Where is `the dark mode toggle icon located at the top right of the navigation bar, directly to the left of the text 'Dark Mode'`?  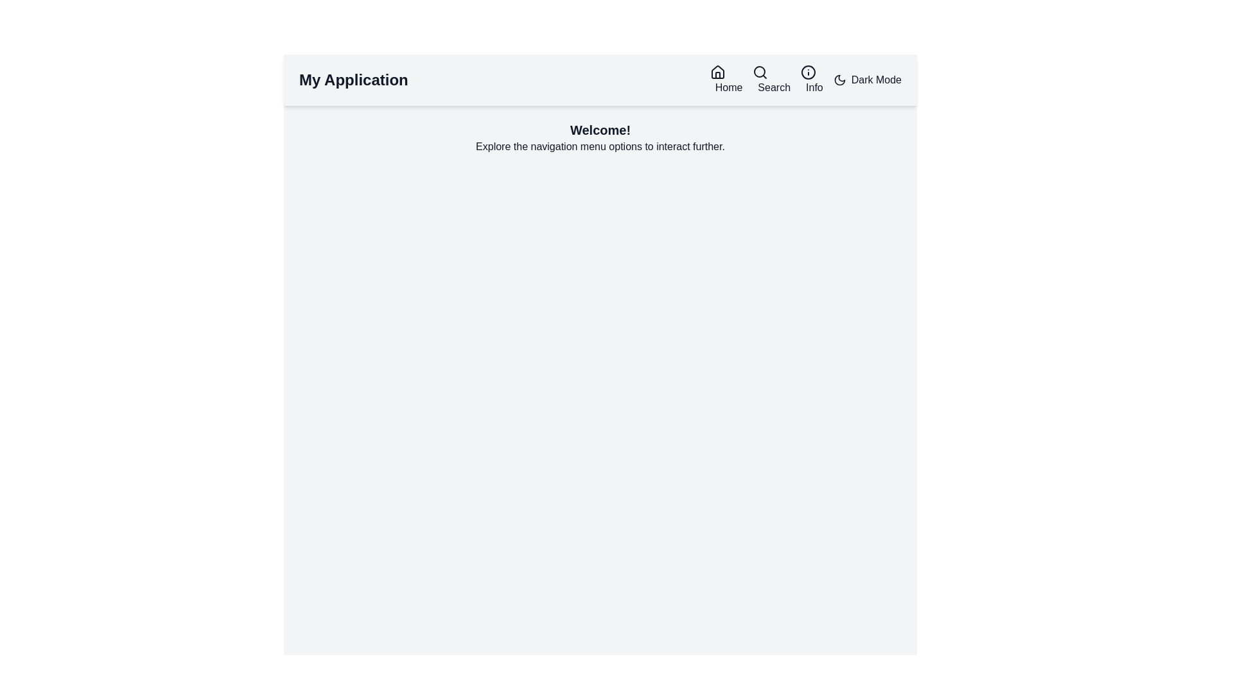 the dark mode toggle icon located at the top right of the navigation bar, directly to the left of the text 'Dark Mode' is located at coordinates (839, 80).